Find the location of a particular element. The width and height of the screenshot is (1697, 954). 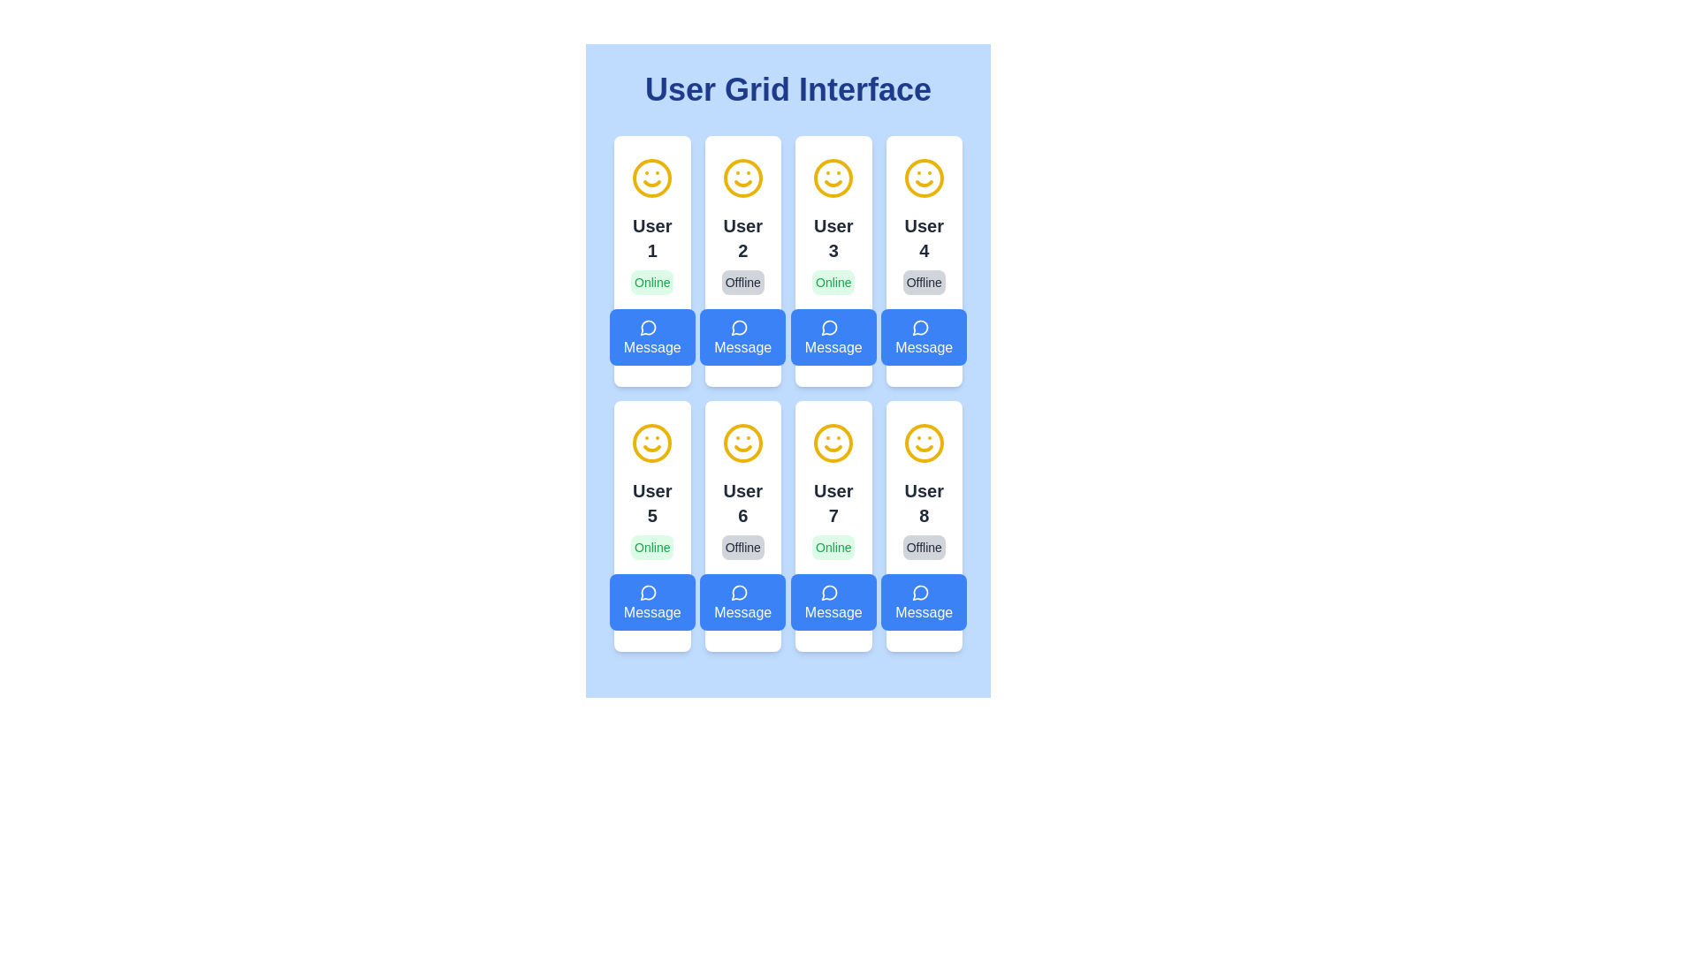

the circular yellow-outlined component of the smiling emoji icon representing 'User 5' in the user grid interface is located at coordinates (651, 442).